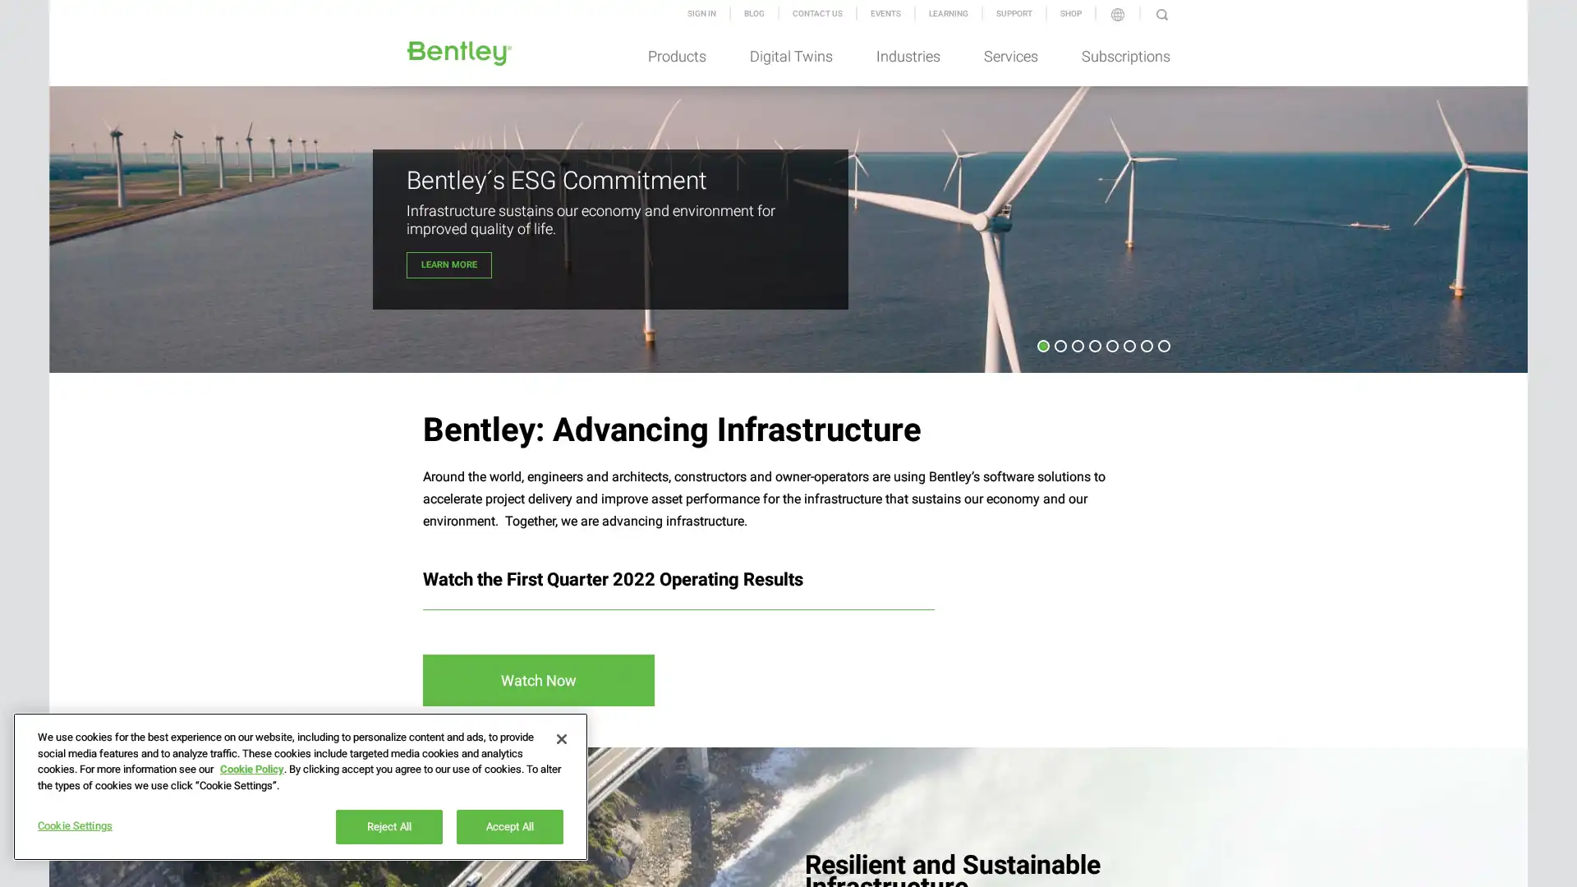  Describe the element at coordinates (389, 826) in the screenshot. I see `Reject All` at that location.